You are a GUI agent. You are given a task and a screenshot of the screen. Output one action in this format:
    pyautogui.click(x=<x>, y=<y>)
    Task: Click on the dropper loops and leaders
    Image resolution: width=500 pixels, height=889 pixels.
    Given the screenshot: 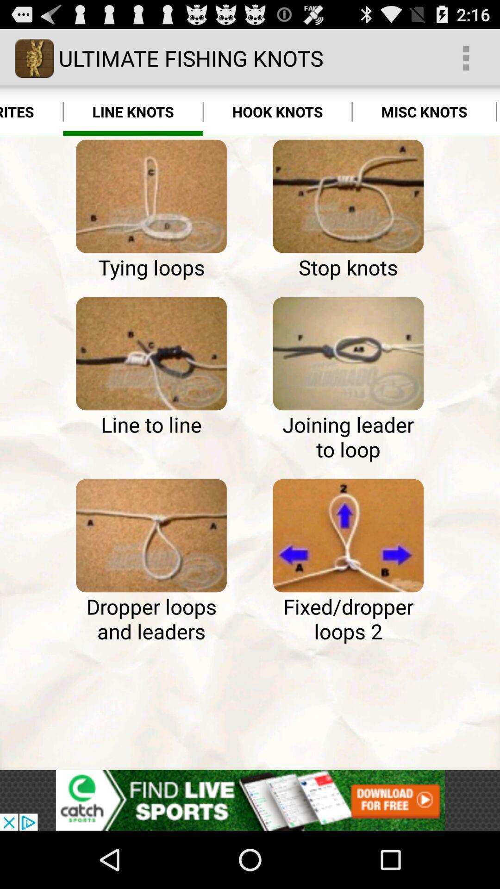 What is the action you would take?
    pyautogui.click(x=151, y=535)
    